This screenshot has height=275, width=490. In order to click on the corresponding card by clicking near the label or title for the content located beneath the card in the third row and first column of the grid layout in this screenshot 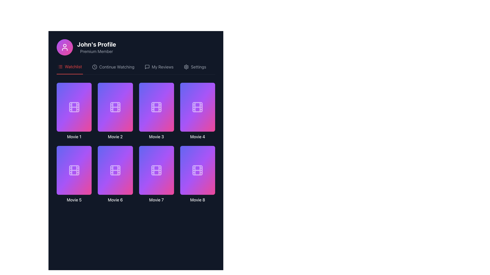, I will do `click(74, 200)`.